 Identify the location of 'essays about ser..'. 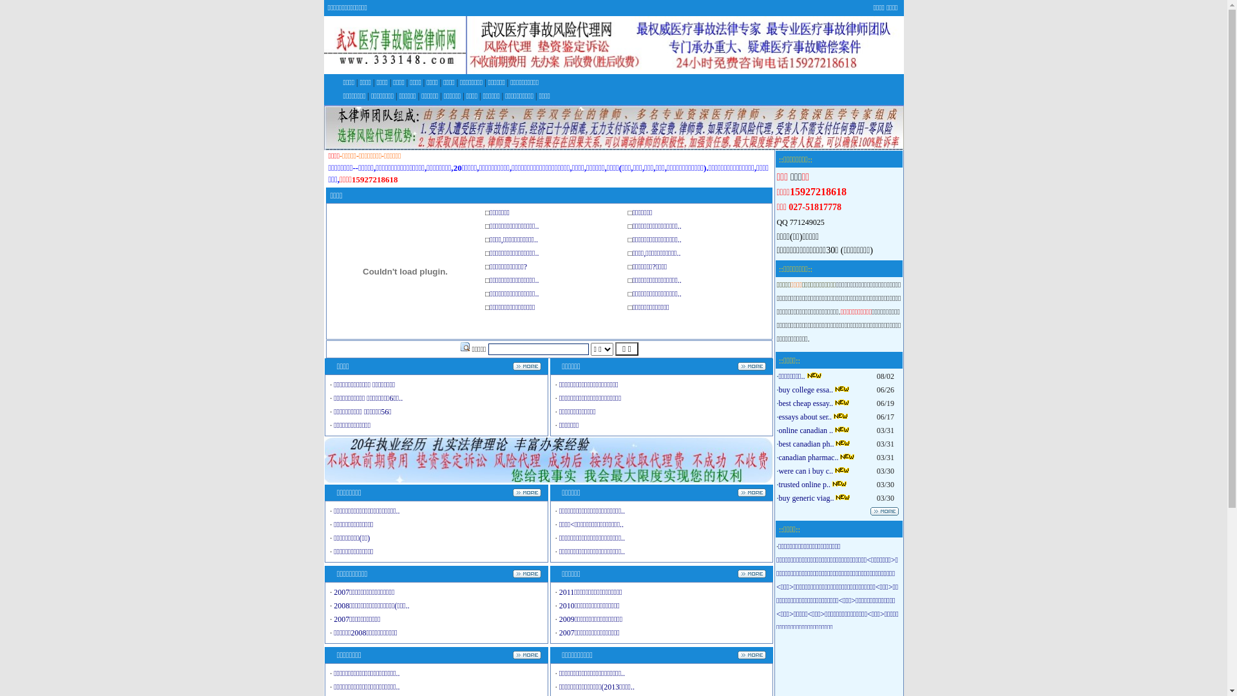
(804, 417).